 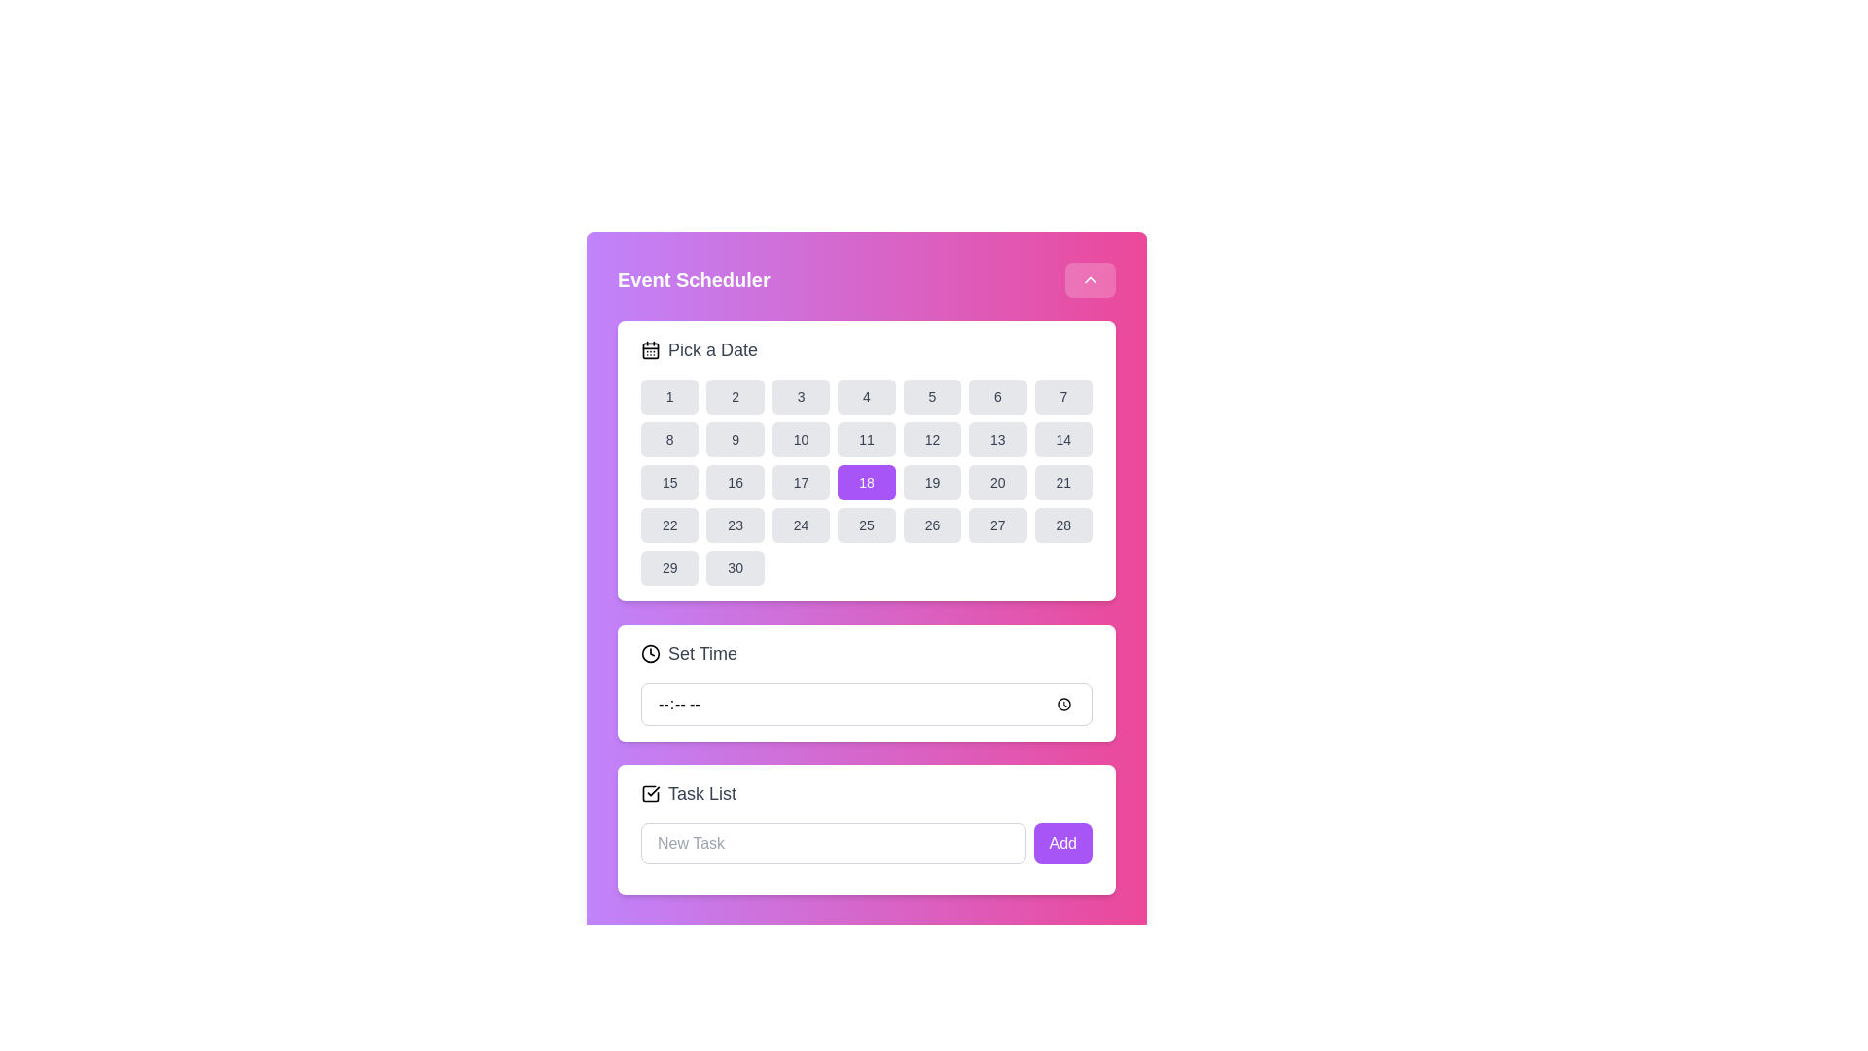 What do you see at coordinates (997, 396) in the screenshot?
I see `the button with the number '6' in the first row and sixth column of the calendar grid` at bounding box center [997, 396].